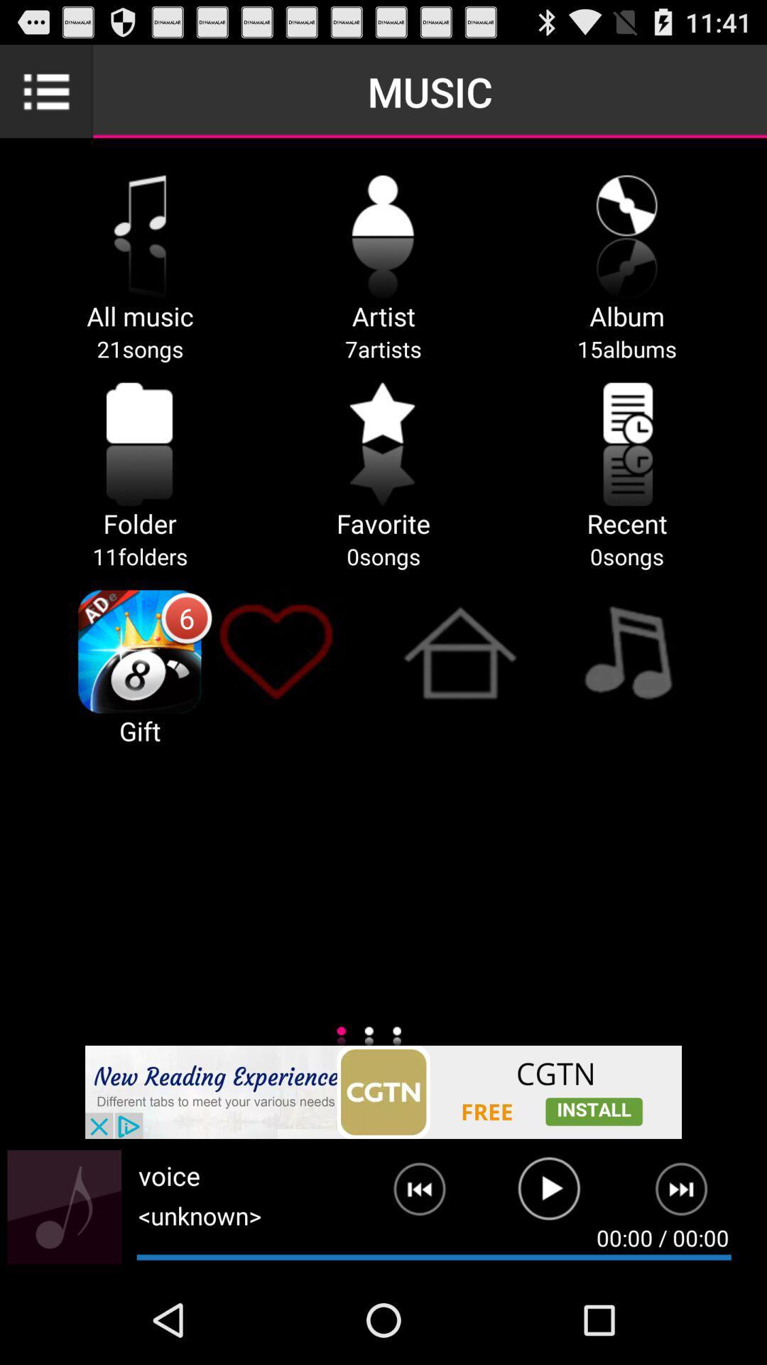 The height and width of the screenshot is (1365, 767). What do you see at coordinates (548, 1194) in the screenshot?
I see `playing the record of voice` at bounding box center [548, 1194].